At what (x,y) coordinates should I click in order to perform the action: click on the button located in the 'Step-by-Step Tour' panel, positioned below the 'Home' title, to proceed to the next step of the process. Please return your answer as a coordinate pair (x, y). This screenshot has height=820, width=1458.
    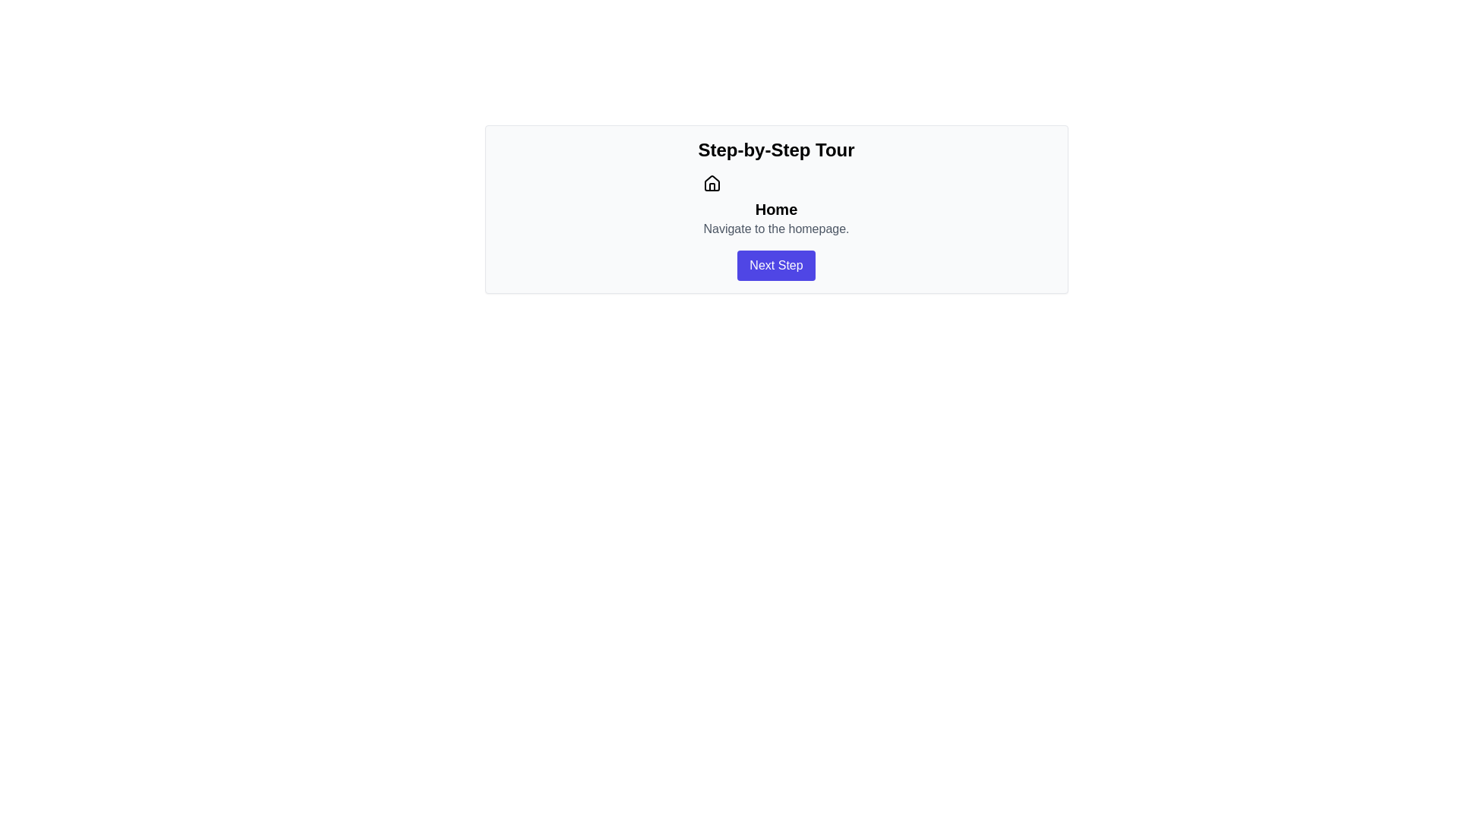
    Looking at the image, I should click on (776, 265).